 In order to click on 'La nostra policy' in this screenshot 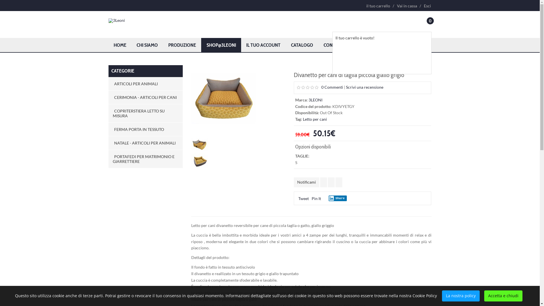, I will do `click(461, 296)`.